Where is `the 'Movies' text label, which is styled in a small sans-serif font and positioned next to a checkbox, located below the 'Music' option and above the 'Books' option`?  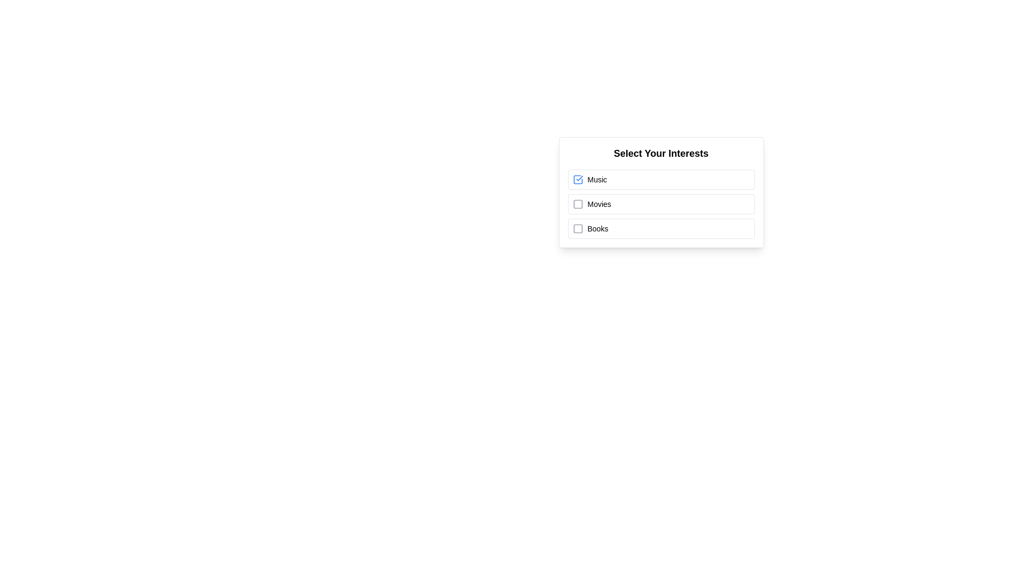
the 'Movies' text label, which is styled in a small sans-serif font and positioned next to a checkbox, located below the 'Music' option and above the 'Books' option is located at coordinates (599, 204).